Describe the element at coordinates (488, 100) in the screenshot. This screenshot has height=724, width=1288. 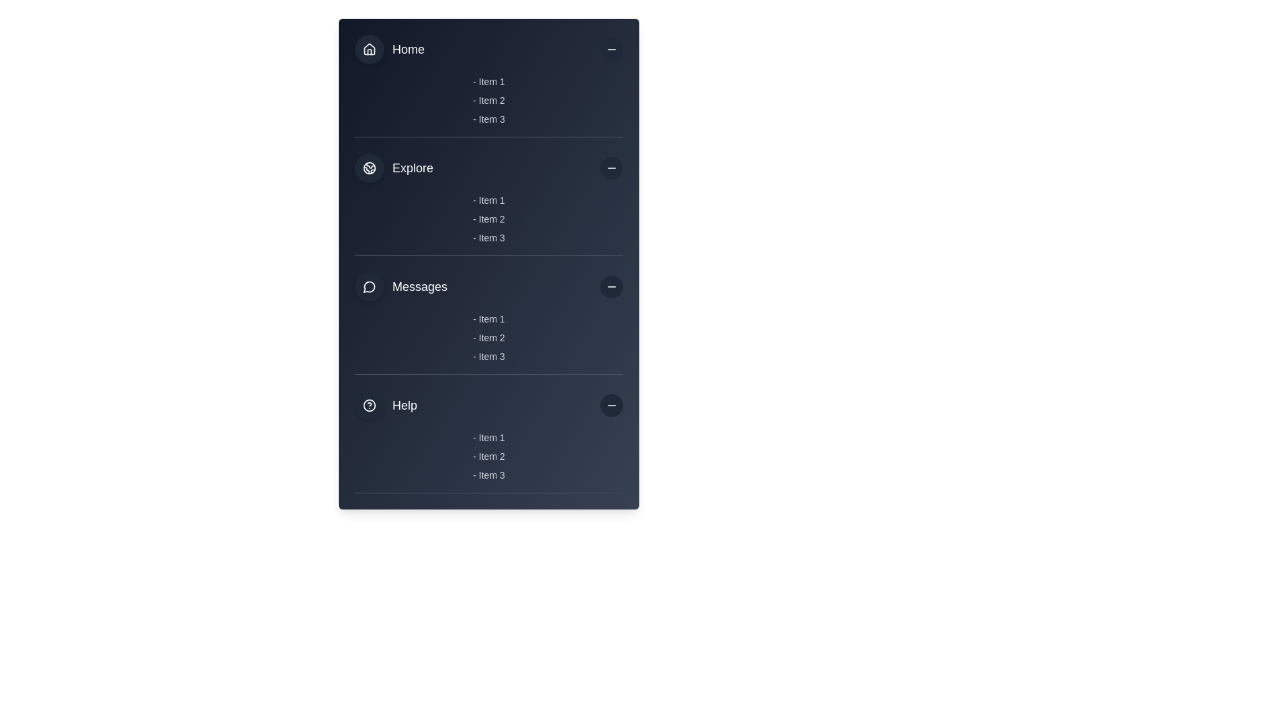
I see `an individual list item located below the 'Home' heading in the vertical navigation panel` at that location.